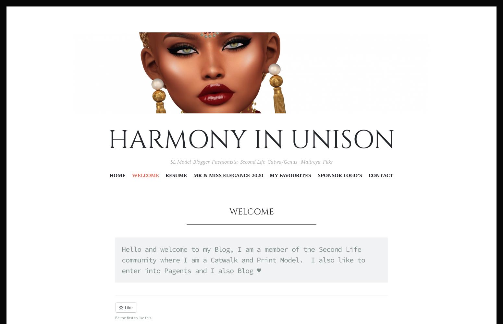 The image size is (503, 324). Describe the element at coordinates (228, 175) in the screenshot. I see `'Mr & Miss Elegance 2020'` at that location.